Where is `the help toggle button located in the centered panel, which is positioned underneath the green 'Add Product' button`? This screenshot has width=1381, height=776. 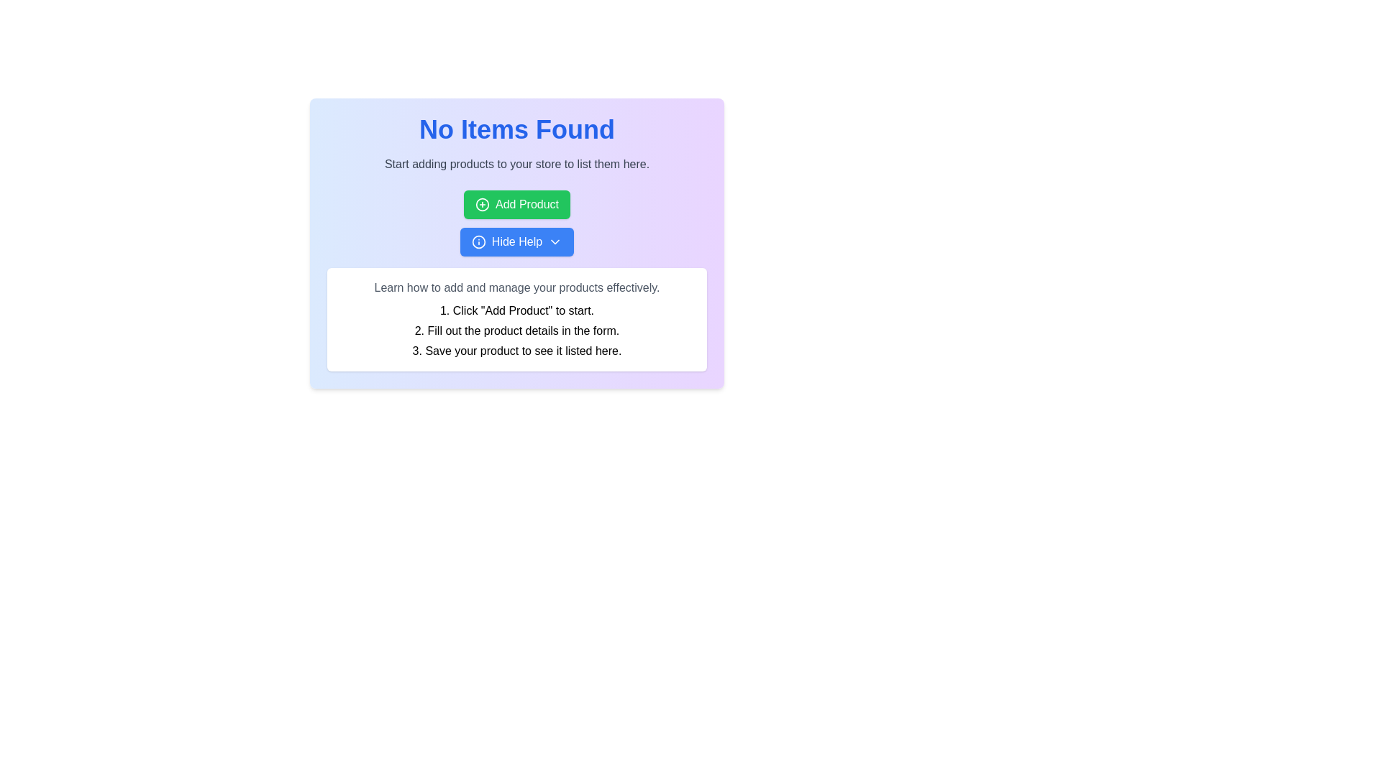
the help toggle button located in the centered panel, which is positioned underneath the green 'Add Product' button is located at coordinates (517, 241).